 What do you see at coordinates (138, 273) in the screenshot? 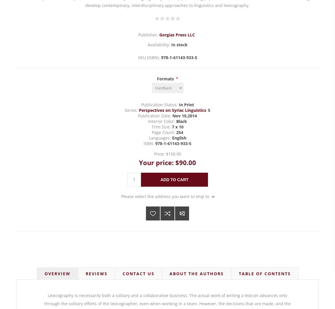
I see `'Contact Us'` at bounding box center [138, 273].